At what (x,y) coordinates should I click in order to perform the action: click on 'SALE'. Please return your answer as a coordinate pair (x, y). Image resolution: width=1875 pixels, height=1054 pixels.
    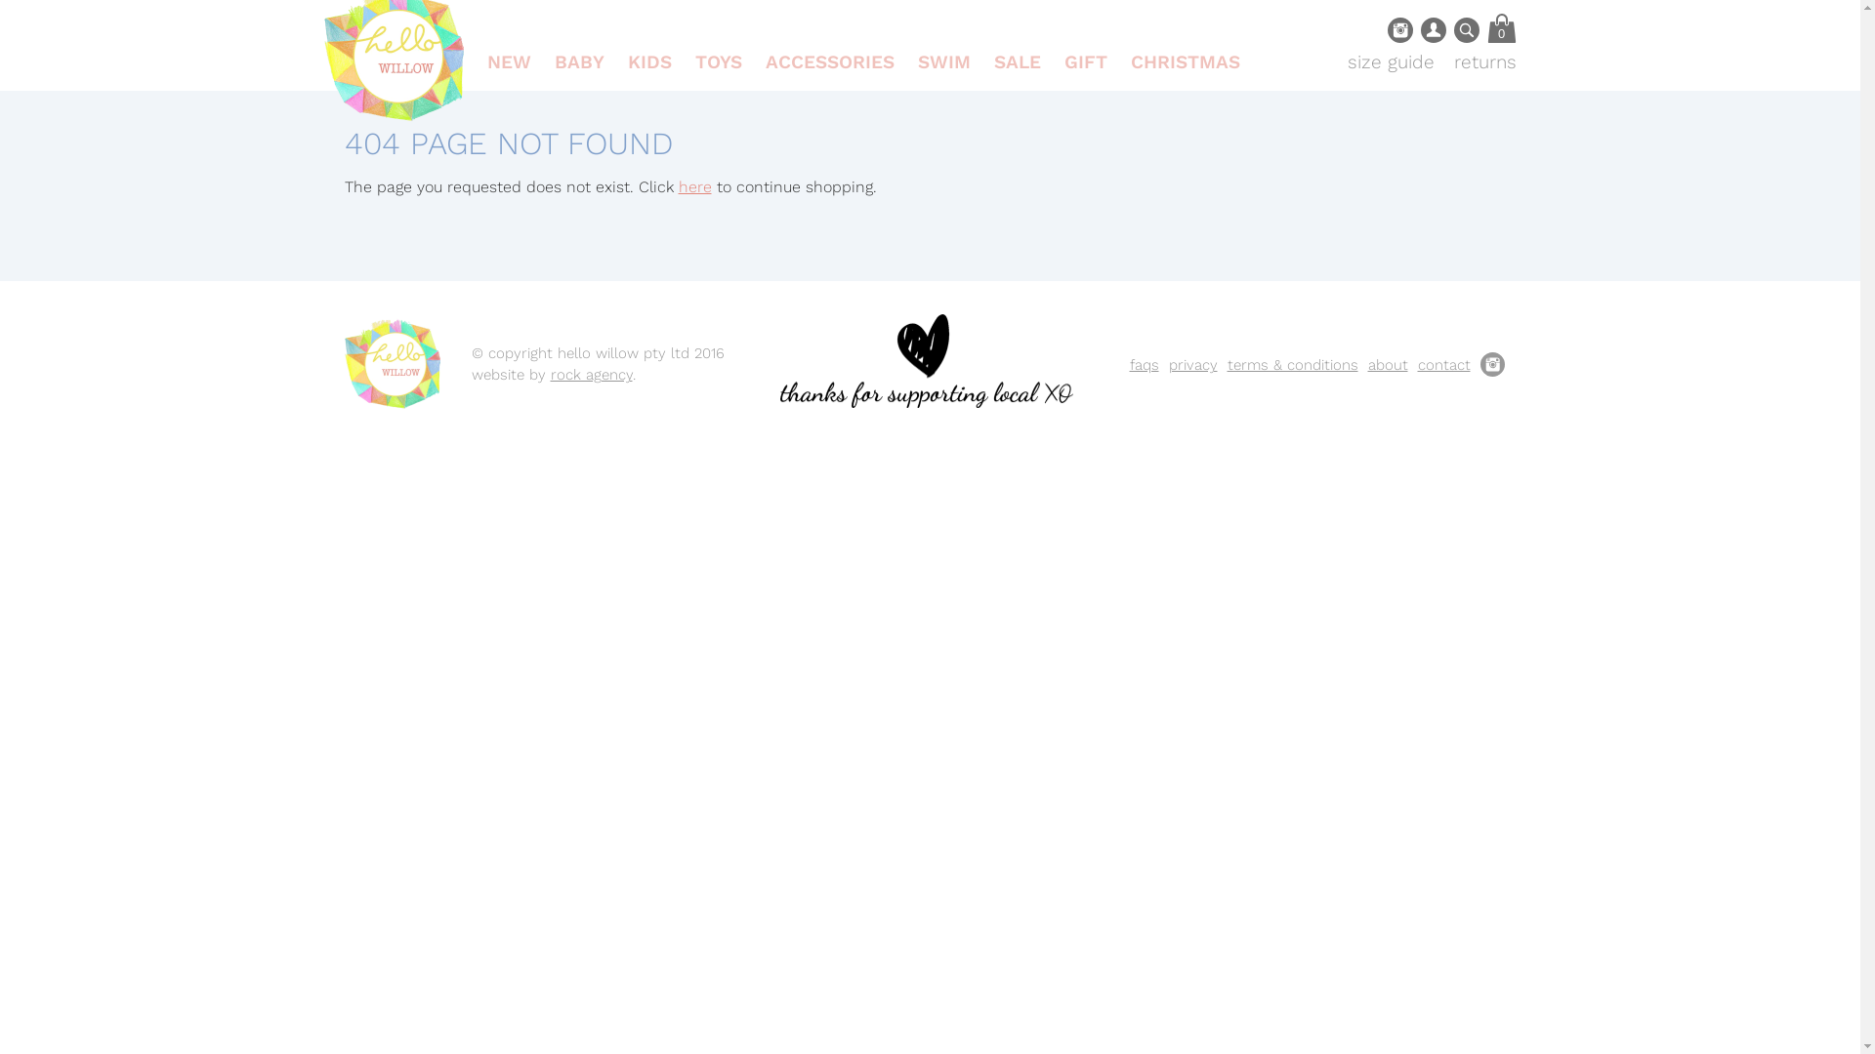
    Looking at the image, I should click on (1016, 61).